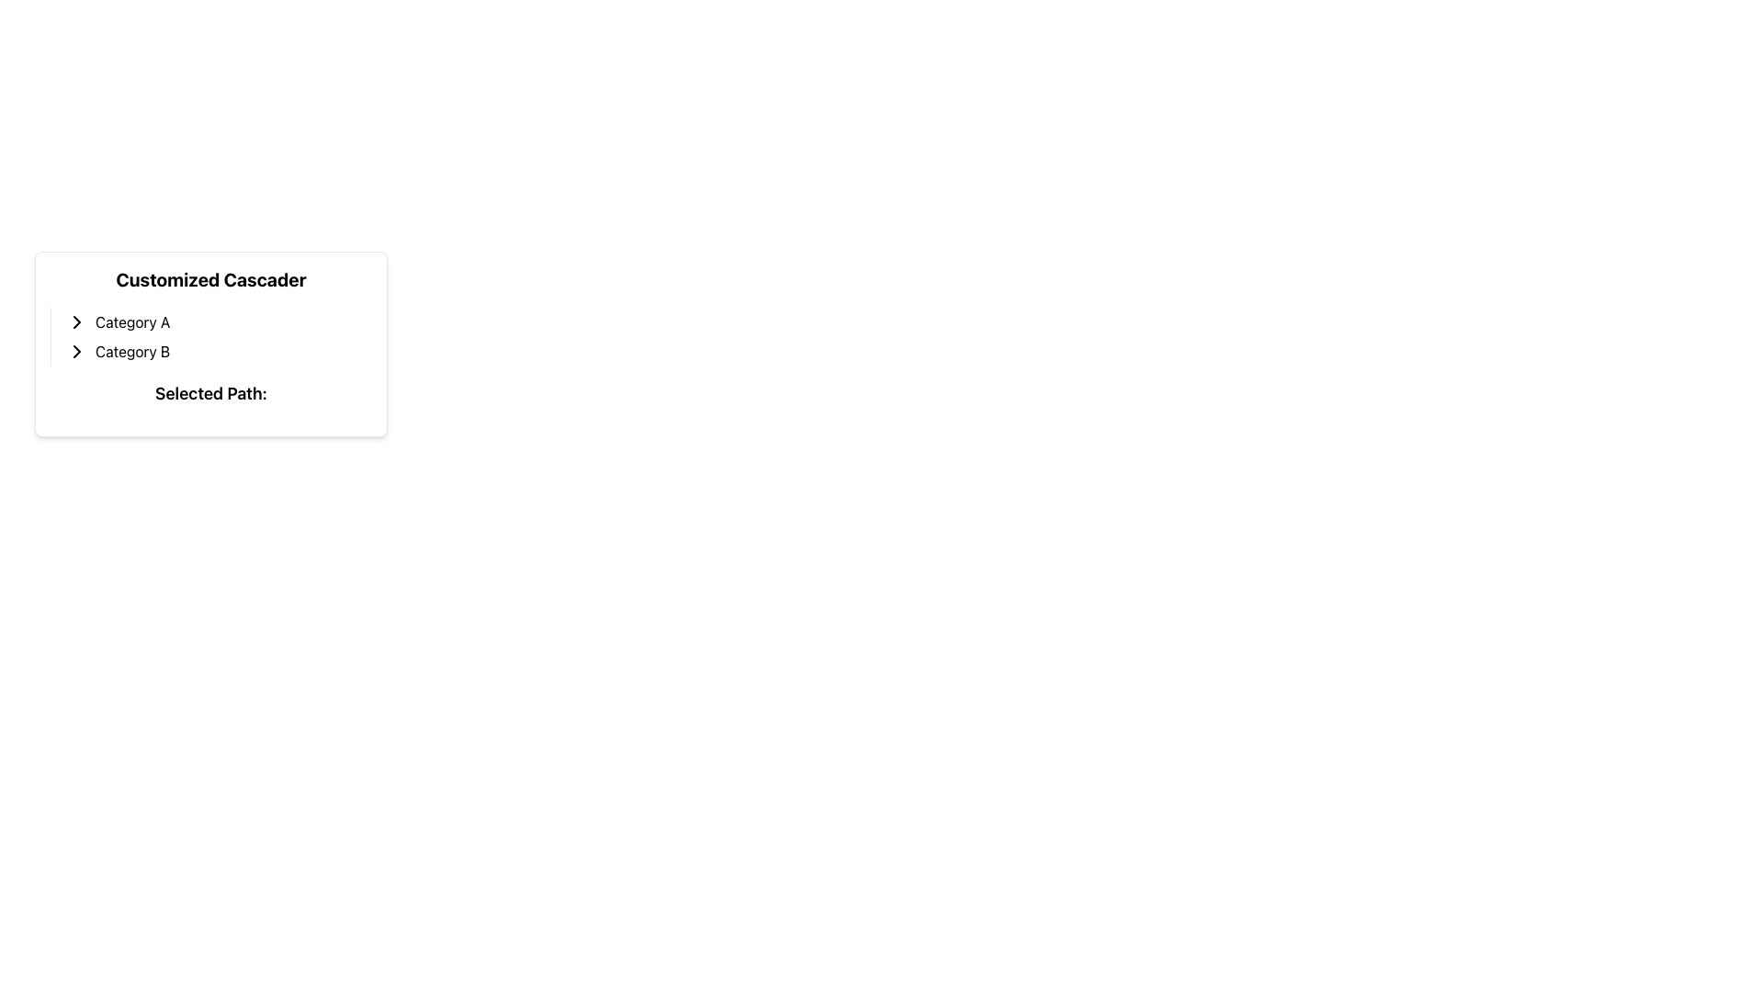 This screenshot has width=1764, height=992. What do you see at coordinates (75, 351) in the screenshot?
I see `the chevron icon indicating expandable content for 'Category B'` at bounding box center [75, 351].